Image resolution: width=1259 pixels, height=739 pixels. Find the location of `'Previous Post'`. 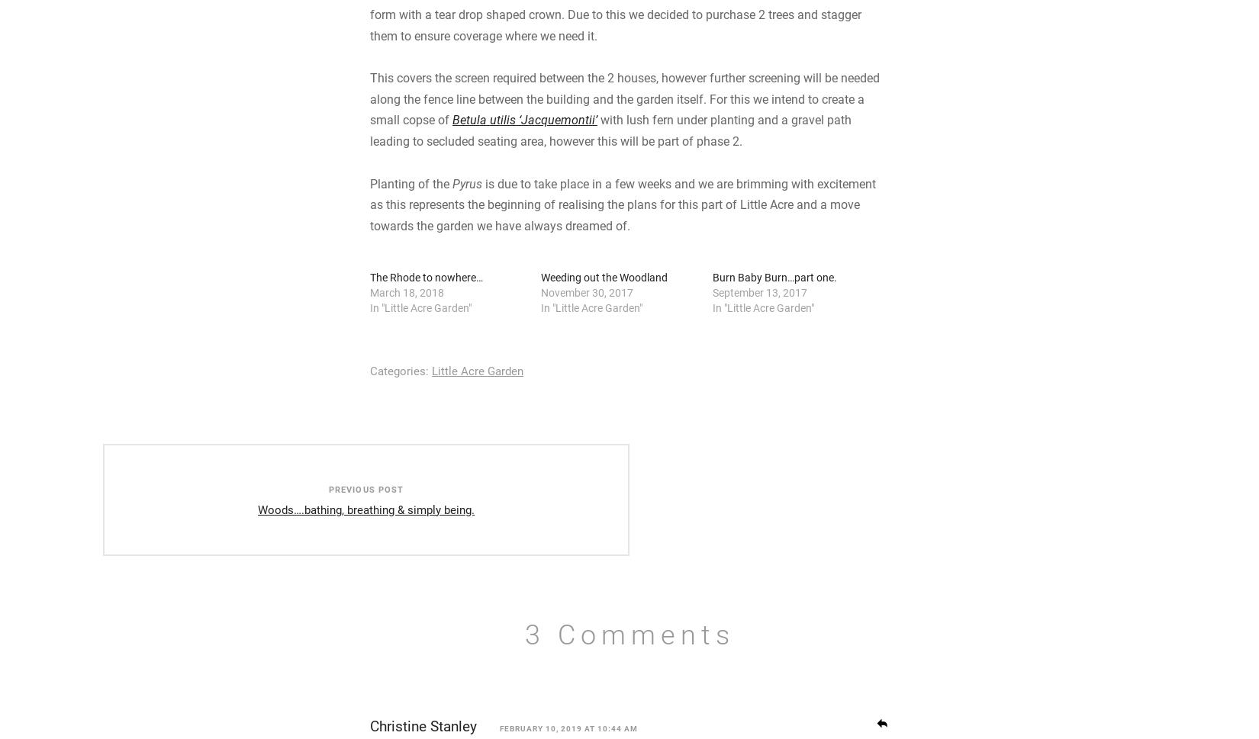

'Previous Post' is located at coordinates (391, 610).